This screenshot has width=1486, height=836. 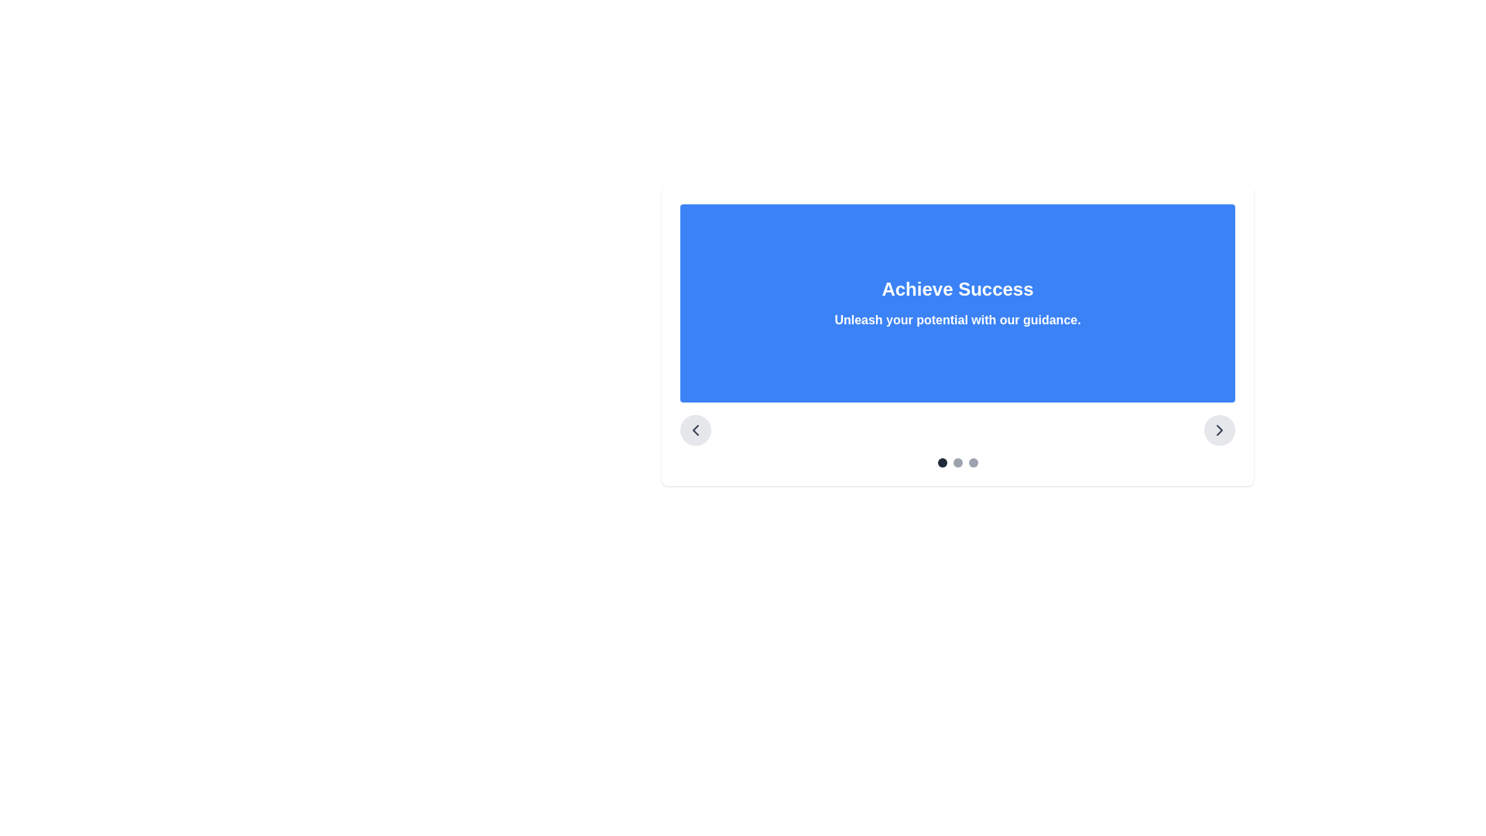 What do you see at coordinates (941, 461) in the screenshot?
I see `the first circular Carousel navigation indicator, which is dark gray and located beneath the carousel` at bounding box center [941, 461].